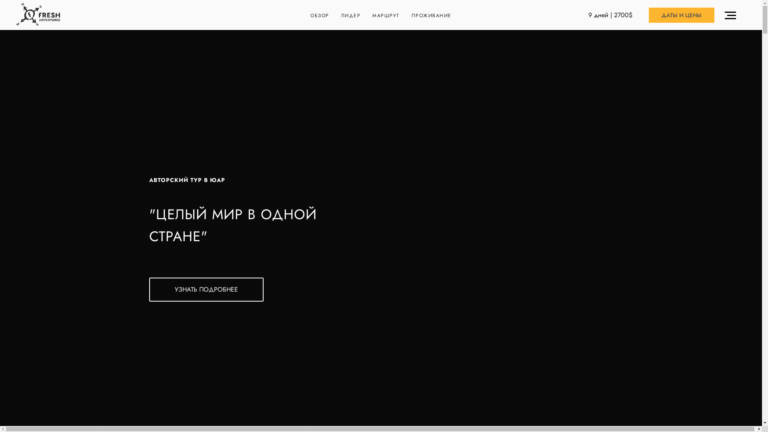 Image resolution: width=768 pixels, height=432 pixels. What do you see at coordinates (732, 15) in the screenshot?
I see `'.'` at bounding box center [732, 15].